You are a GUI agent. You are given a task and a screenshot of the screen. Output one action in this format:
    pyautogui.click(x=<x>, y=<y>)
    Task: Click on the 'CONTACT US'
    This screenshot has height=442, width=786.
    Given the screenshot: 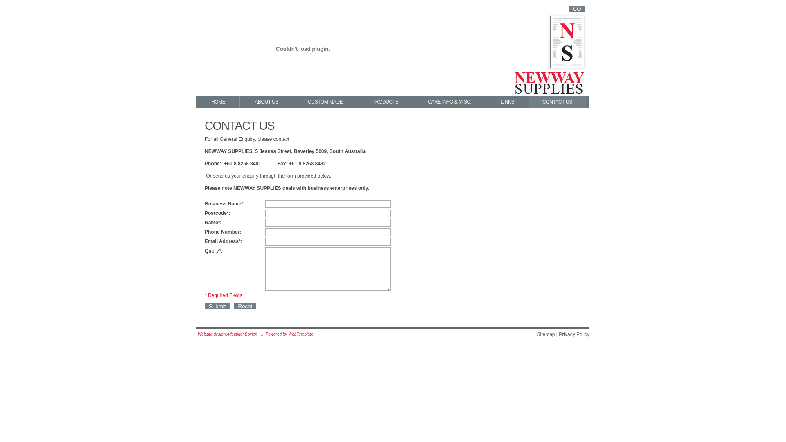 What is the action you would take?
    pyautogui.click(x=557, y=101)
    